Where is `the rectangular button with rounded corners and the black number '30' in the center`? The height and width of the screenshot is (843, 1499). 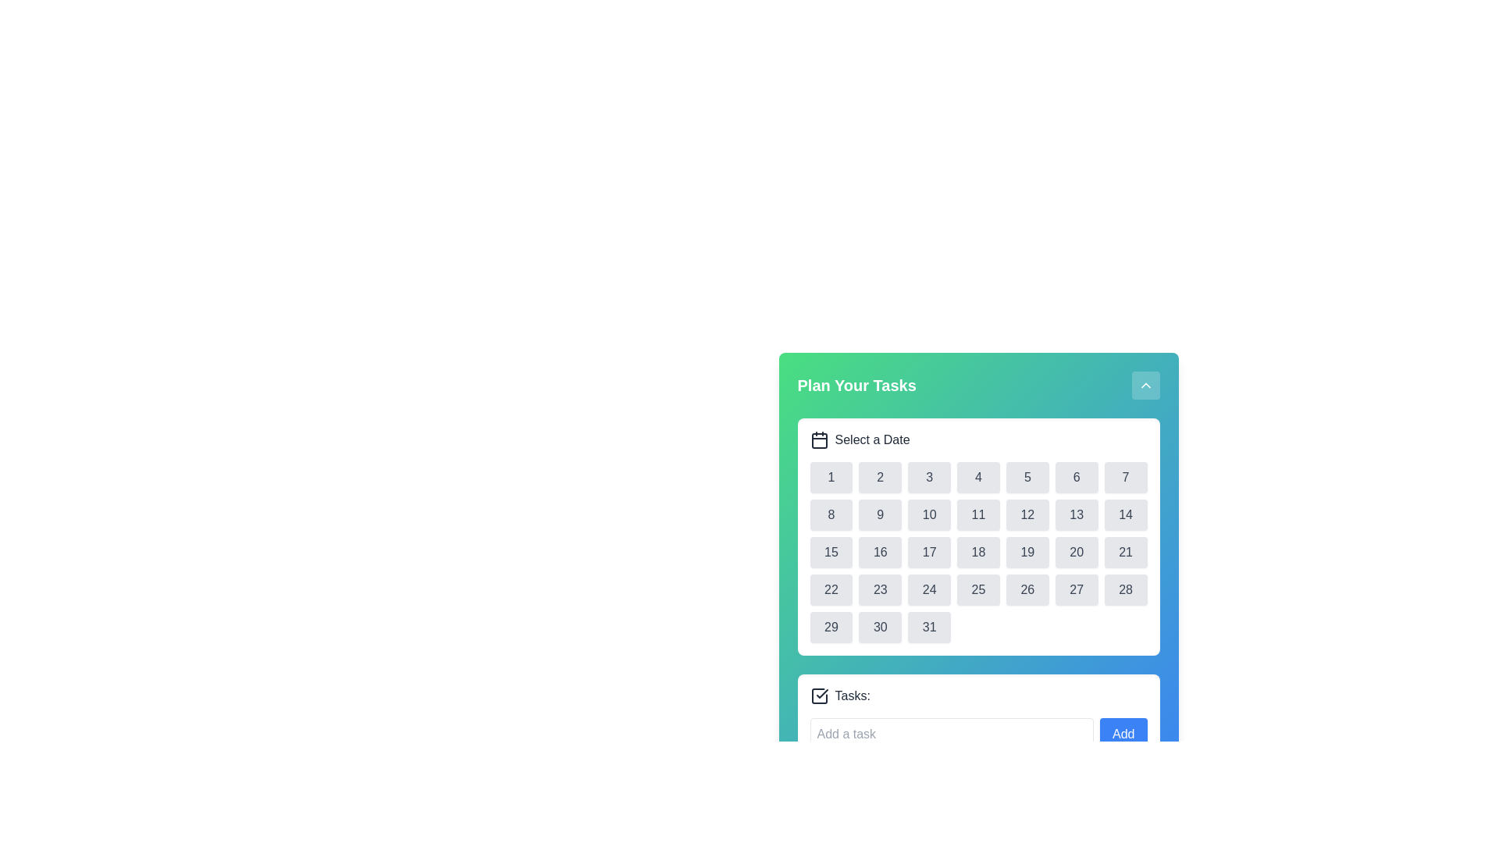 the rectangular button with rounded corners and the black number '30' in the center is located at coordinates (880, 626).